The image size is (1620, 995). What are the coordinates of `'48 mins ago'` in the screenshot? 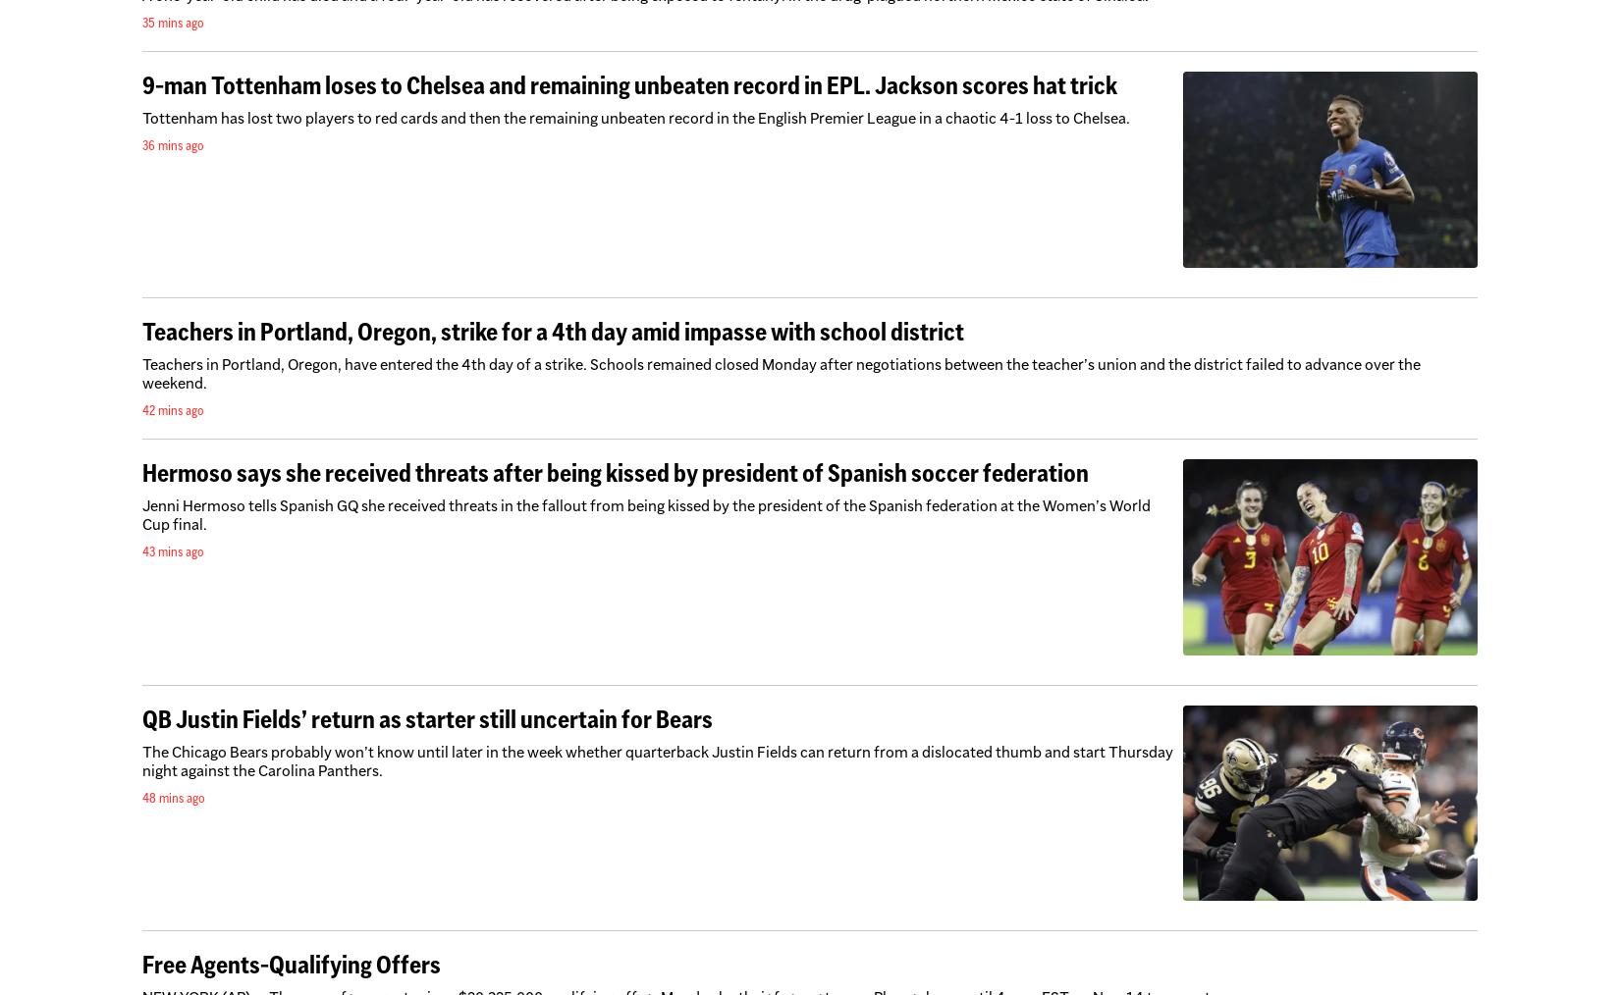 It's located at (174, 797).